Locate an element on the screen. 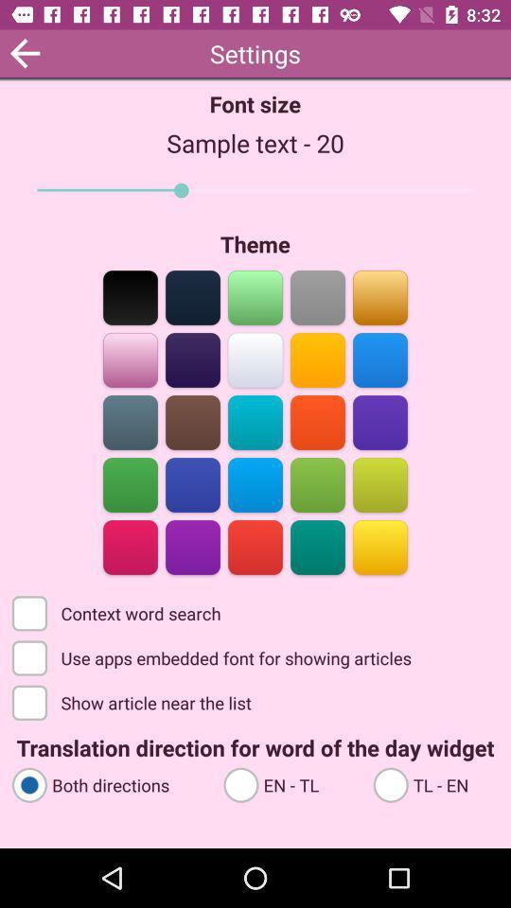 This screenshot has height=908, width=511. item above the use apps embedded checkbox is located at coordinates (118, 611).